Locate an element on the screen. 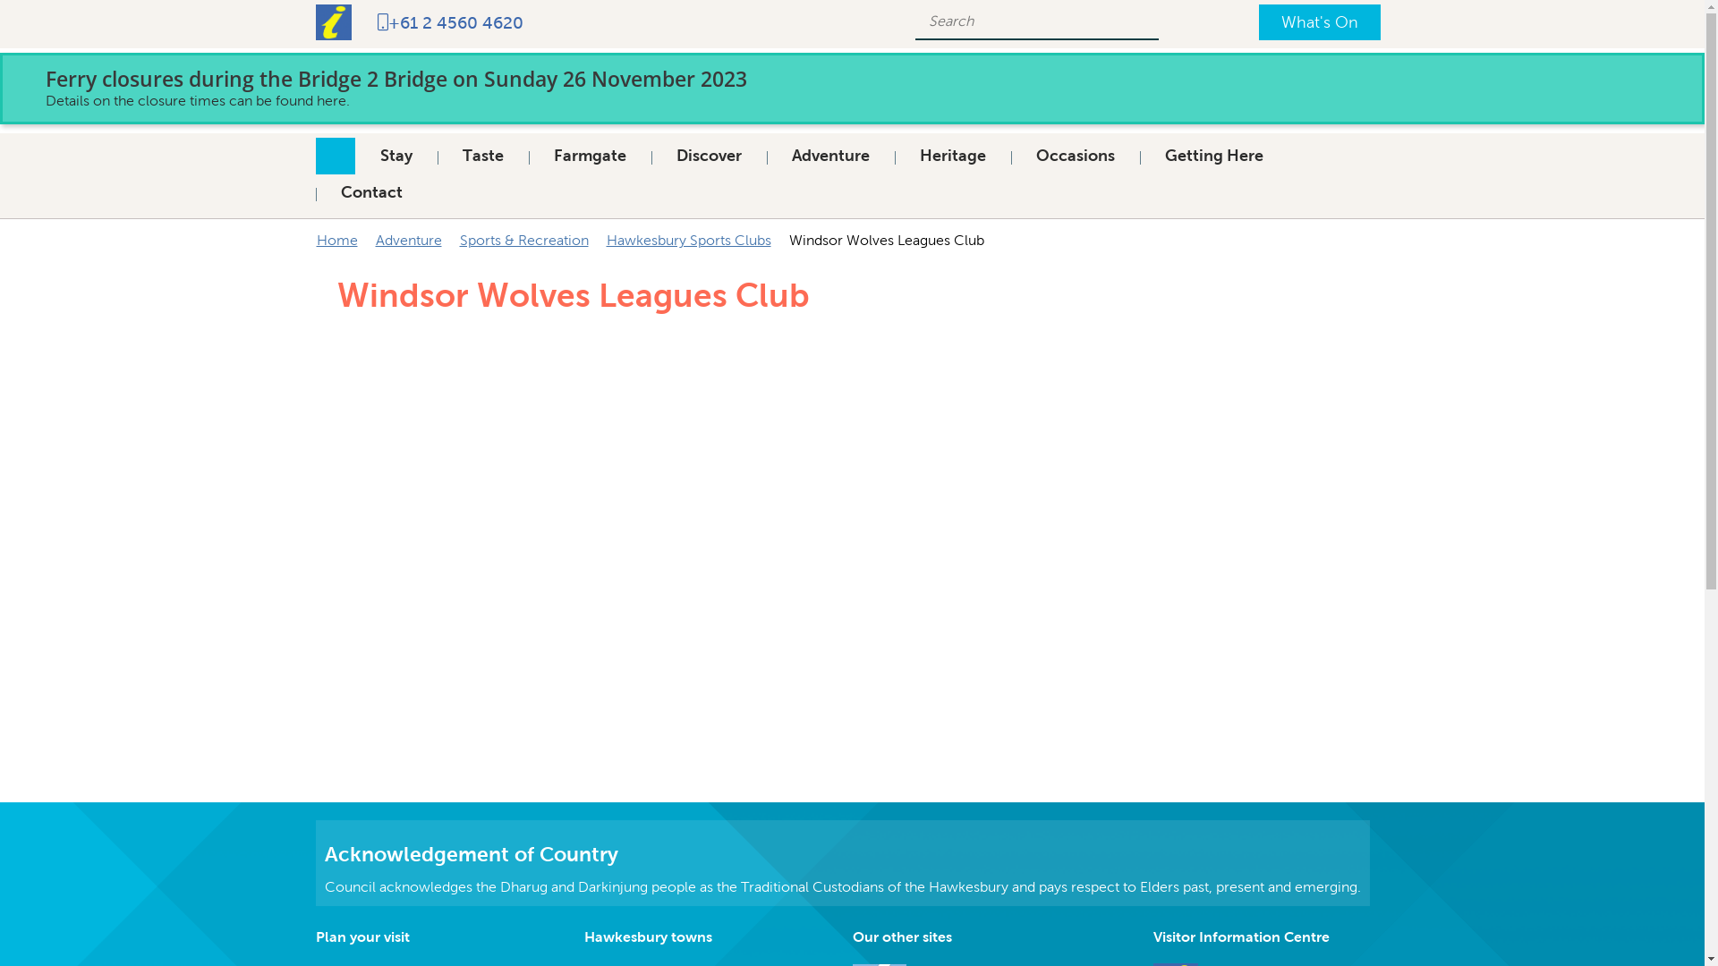 The width and height of the screenshot is (1718, 966). 'Home' is located at coordinates (335, 155).